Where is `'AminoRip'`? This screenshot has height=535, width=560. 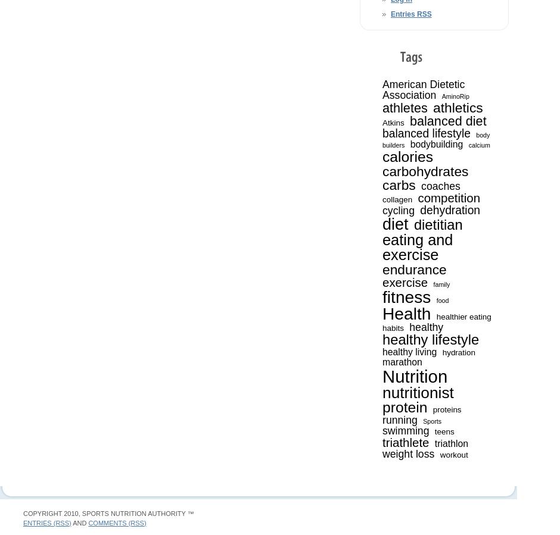
'AminoRip' is located at coordinates (455, 96).